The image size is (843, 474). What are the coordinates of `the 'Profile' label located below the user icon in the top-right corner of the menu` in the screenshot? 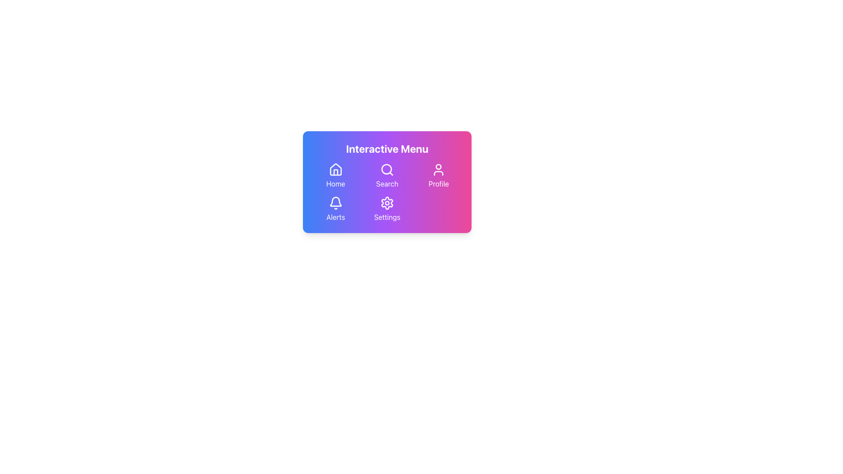 It's located at (439, 183).